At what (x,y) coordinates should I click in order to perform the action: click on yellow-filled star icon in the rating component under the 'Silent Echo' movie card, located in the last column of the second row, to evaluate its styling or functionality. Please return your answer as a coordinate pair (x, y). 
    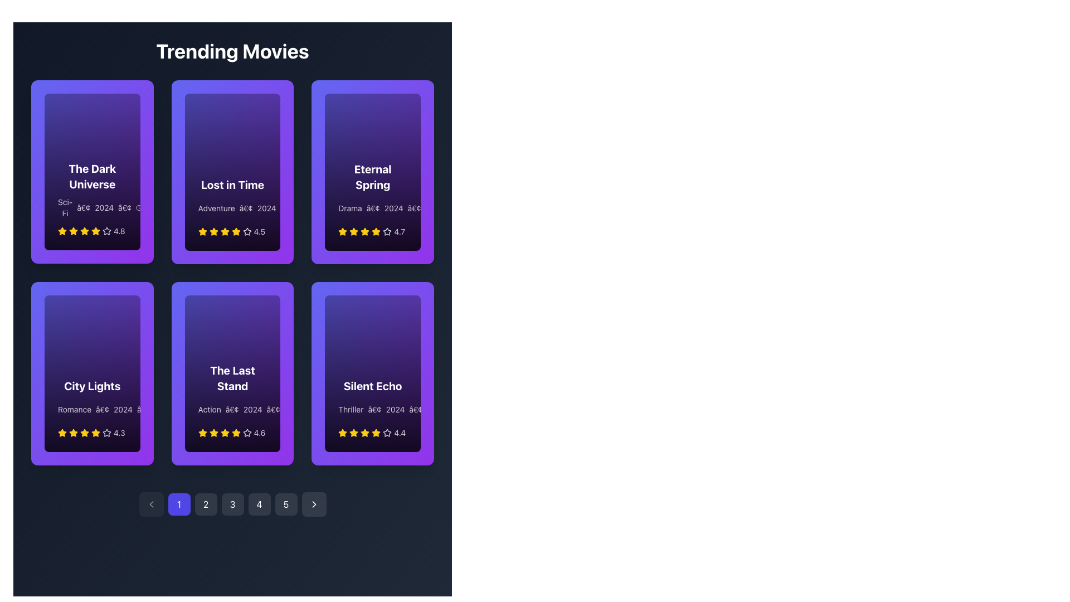
    Looking at the image, I should click on (376, 432).